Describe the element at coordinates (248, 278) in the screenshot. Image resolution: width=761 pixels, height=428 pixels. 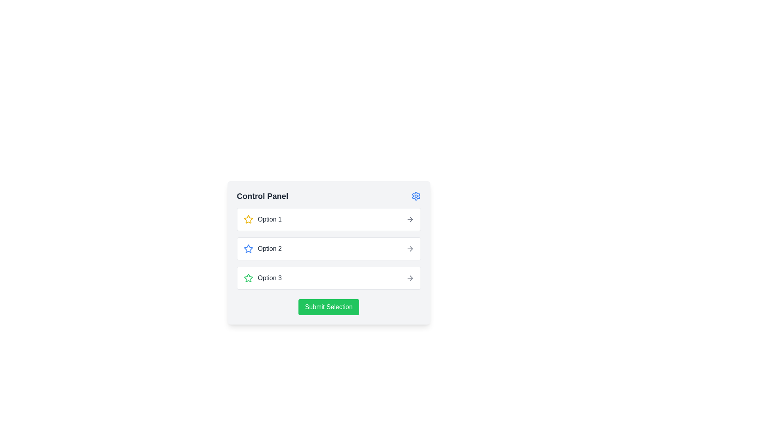
I see `the Icon that indicates 'Option 3', located on the left side of the 'Option 3' row in the control panel` at that location.